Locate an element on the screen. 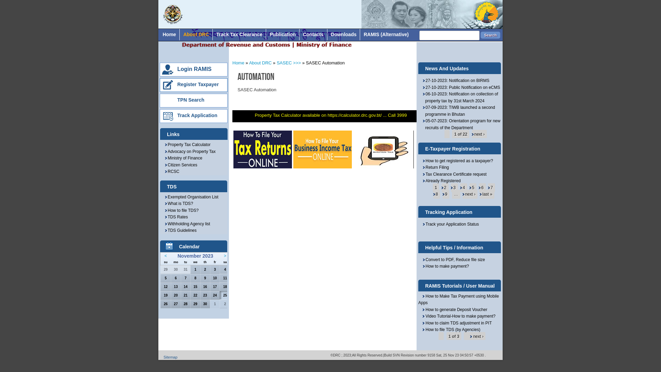  'How to get registered as a taxpayer?' is located at coordinates (458, 161).